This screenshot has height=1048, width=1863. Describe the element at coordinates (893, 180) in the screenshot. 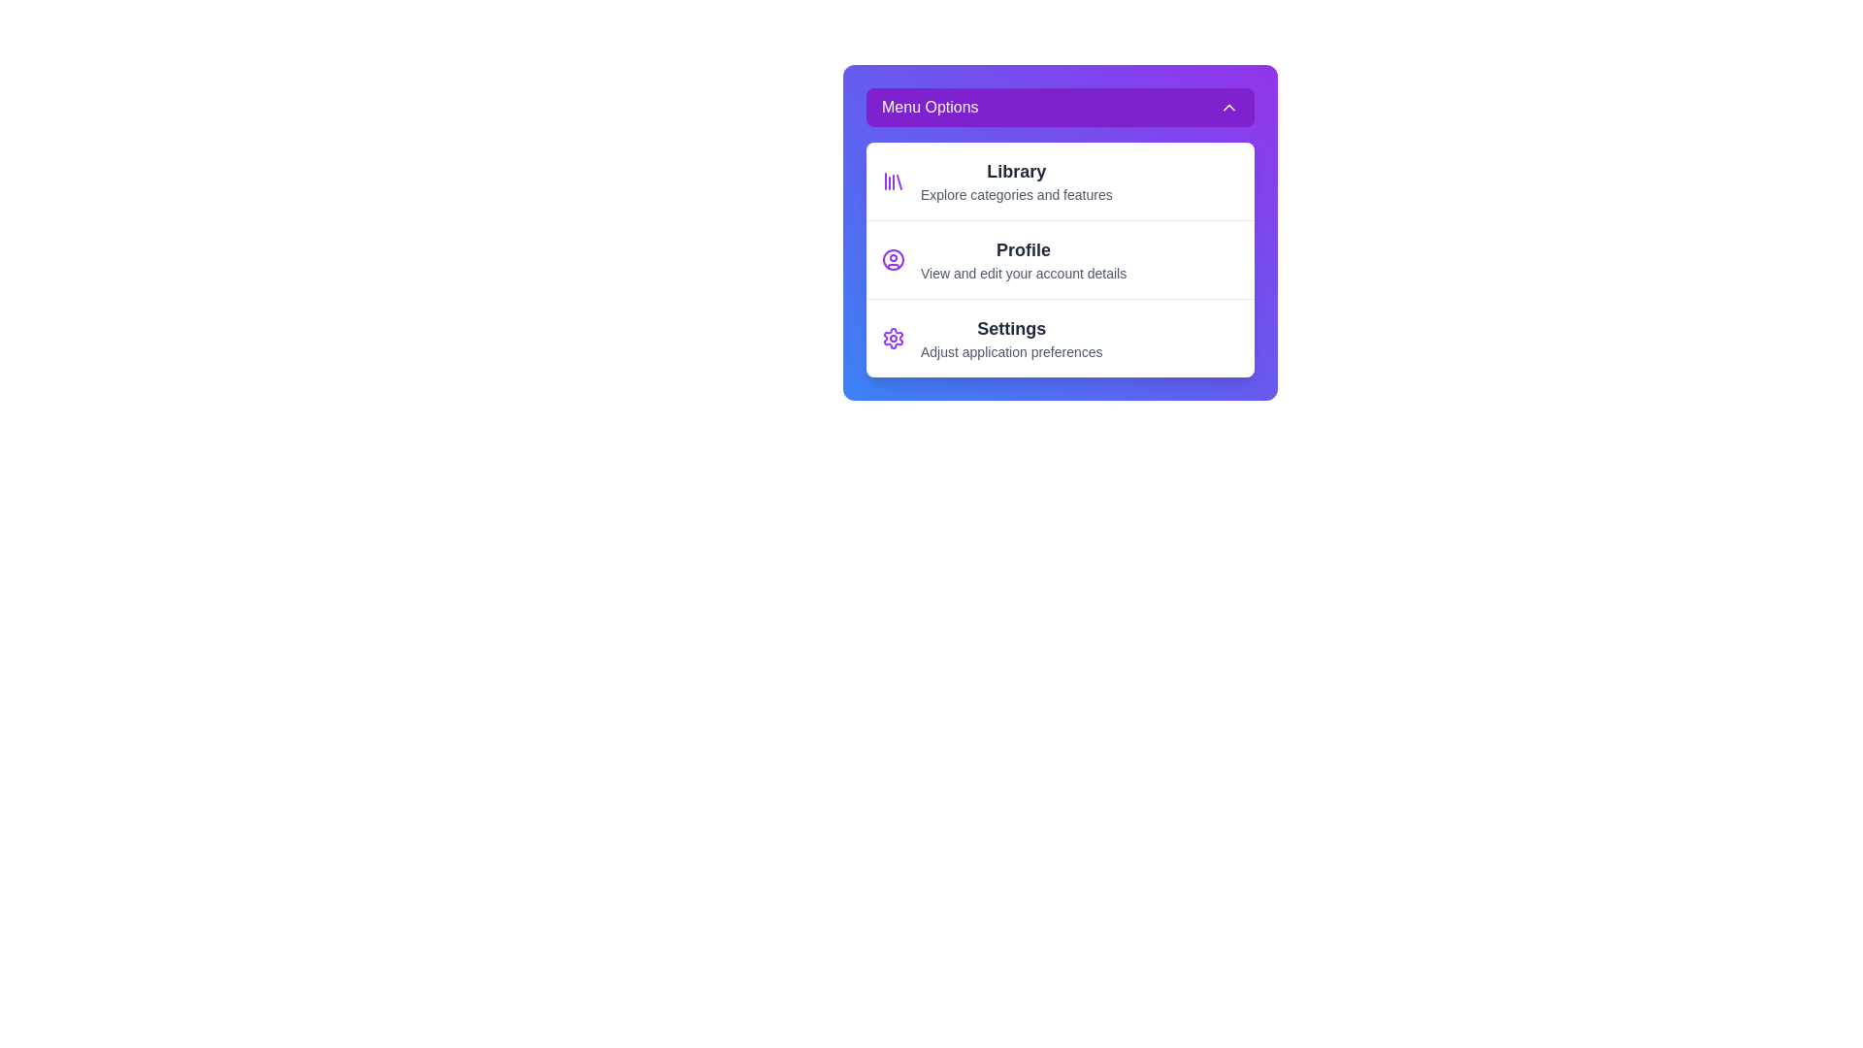

I see `the 'Library' icon, which is the leftmost component of the first row in the purple-bordered menu panel, preceding the text 'Library'` at that location.